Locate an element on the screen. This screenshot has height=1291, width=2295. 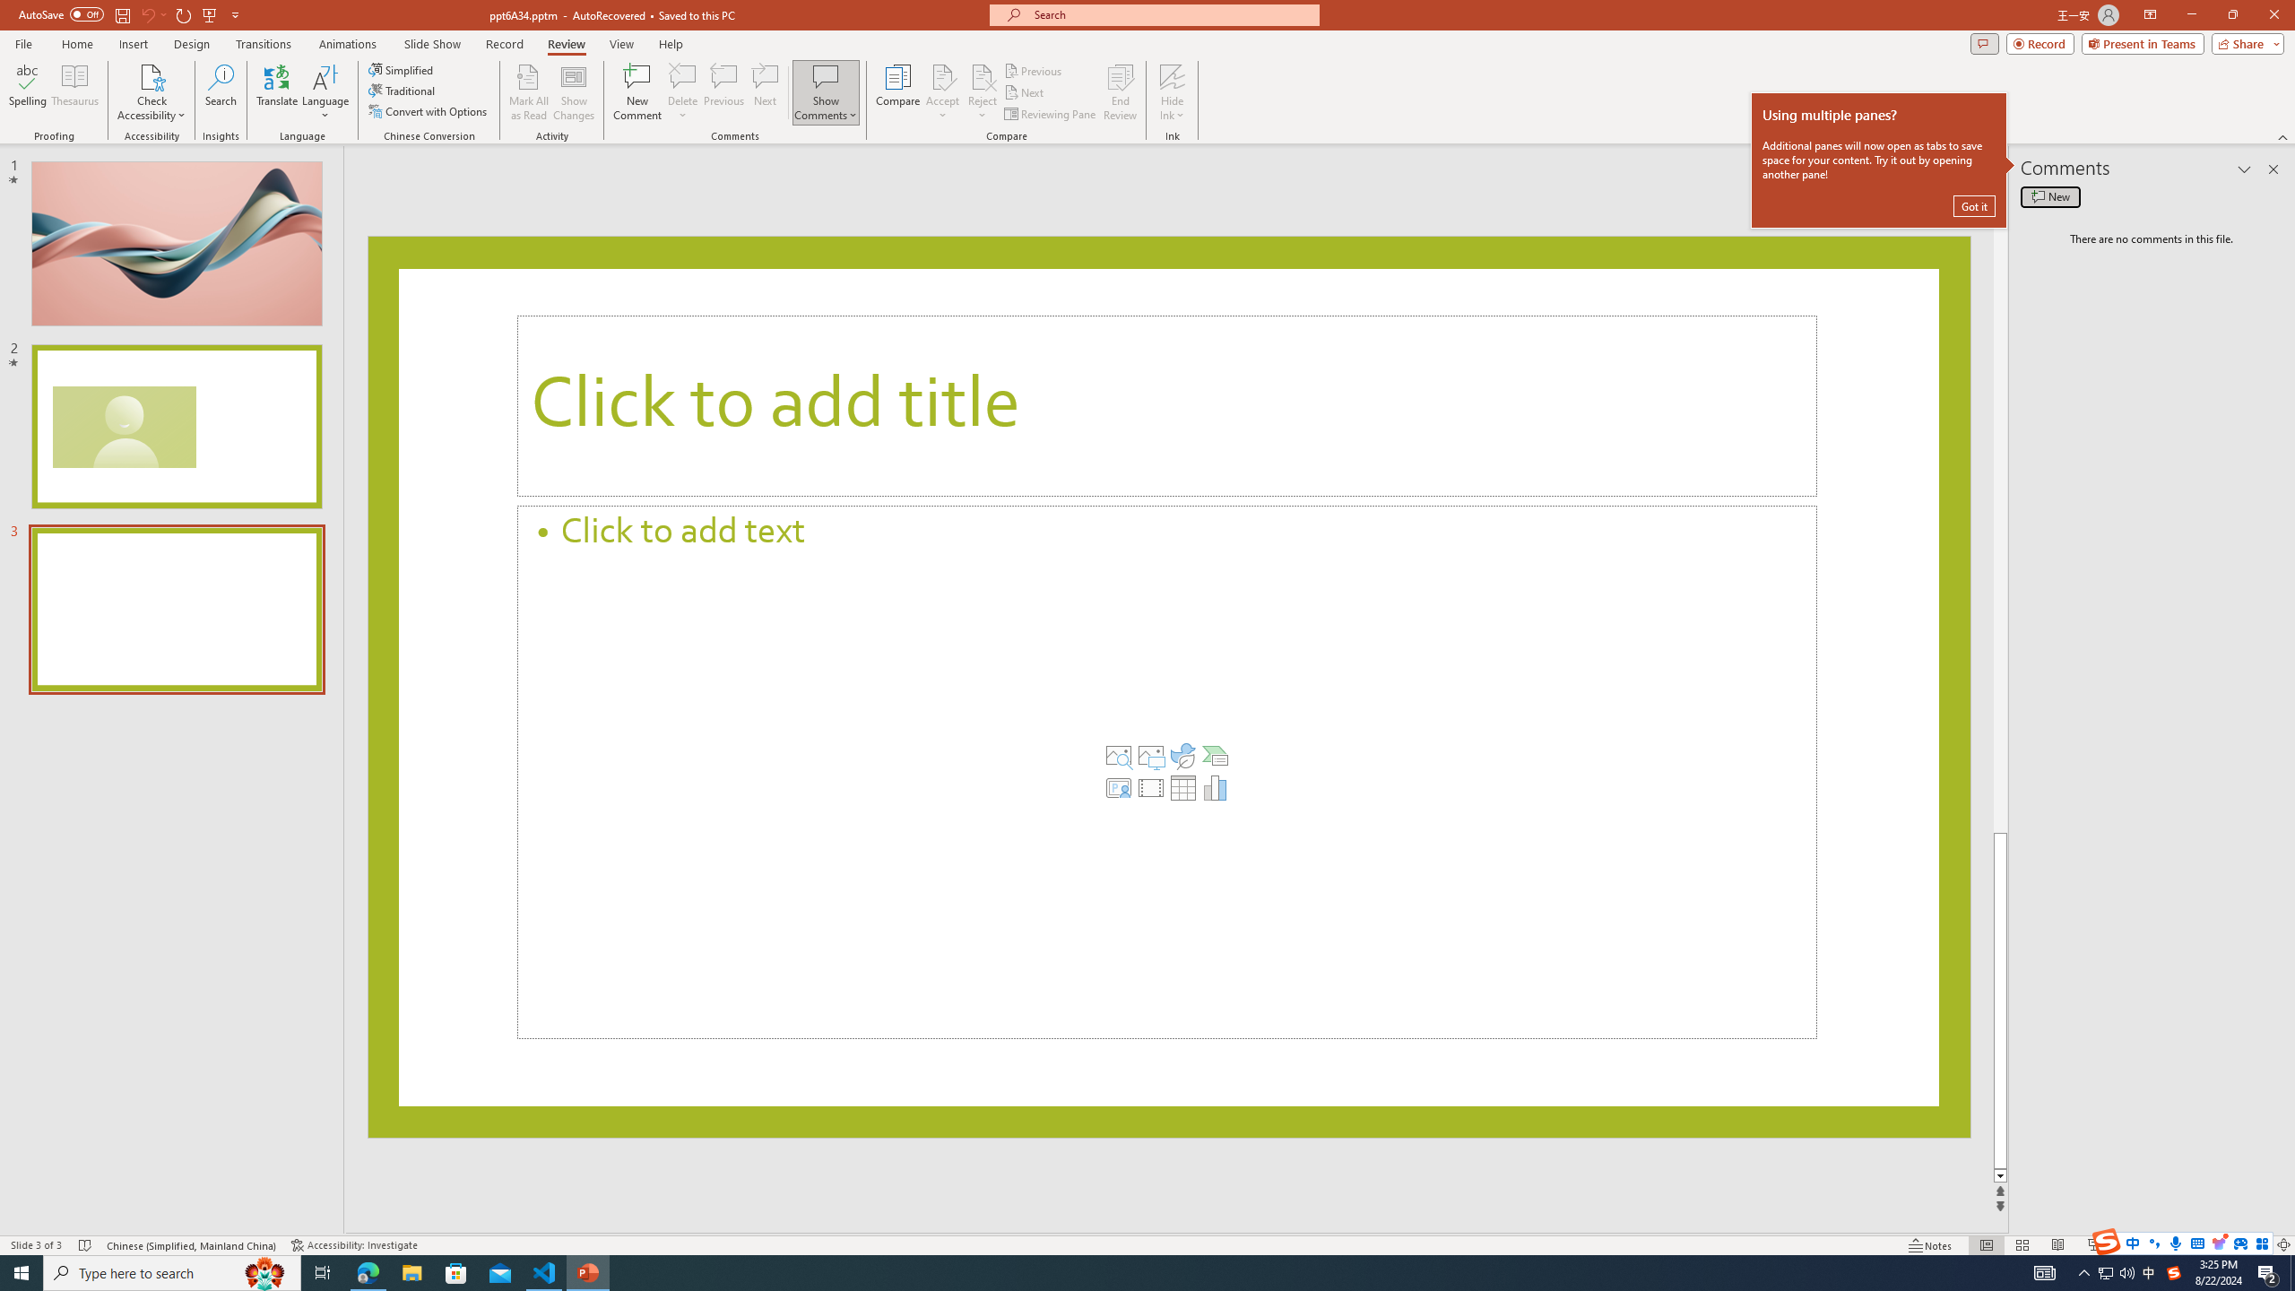
'Reject' is located at coordinates (981, 92).